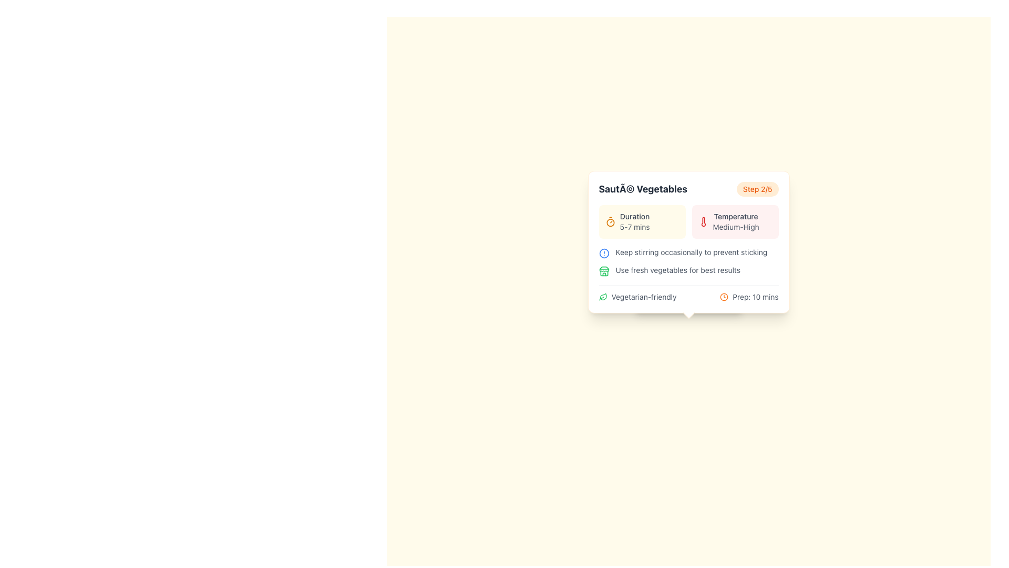 The width and height of the screenshot is (1009, 568). I want to click on the rounded rectangular badge with a light orange background and orange text "Step 2/5" located at the top-right corner of the card labeled "Sauté Vegetables", so click(757, 188).